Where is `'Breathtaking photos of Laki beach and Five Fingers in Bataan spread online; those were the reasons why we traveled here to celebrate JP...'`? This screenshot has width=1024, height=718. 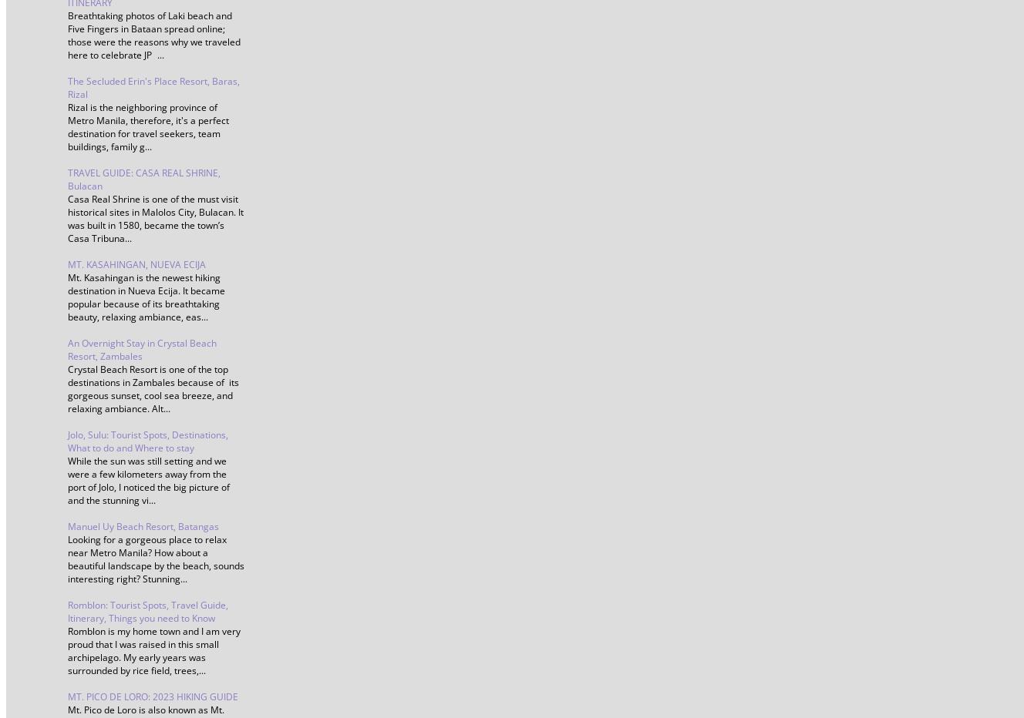
'Breathtaking photos of Laki beach and Five Fingers in Bataan spread online; those were the reasons why we traveled here to celebrate JP...' is located at coordinates (153, 35).